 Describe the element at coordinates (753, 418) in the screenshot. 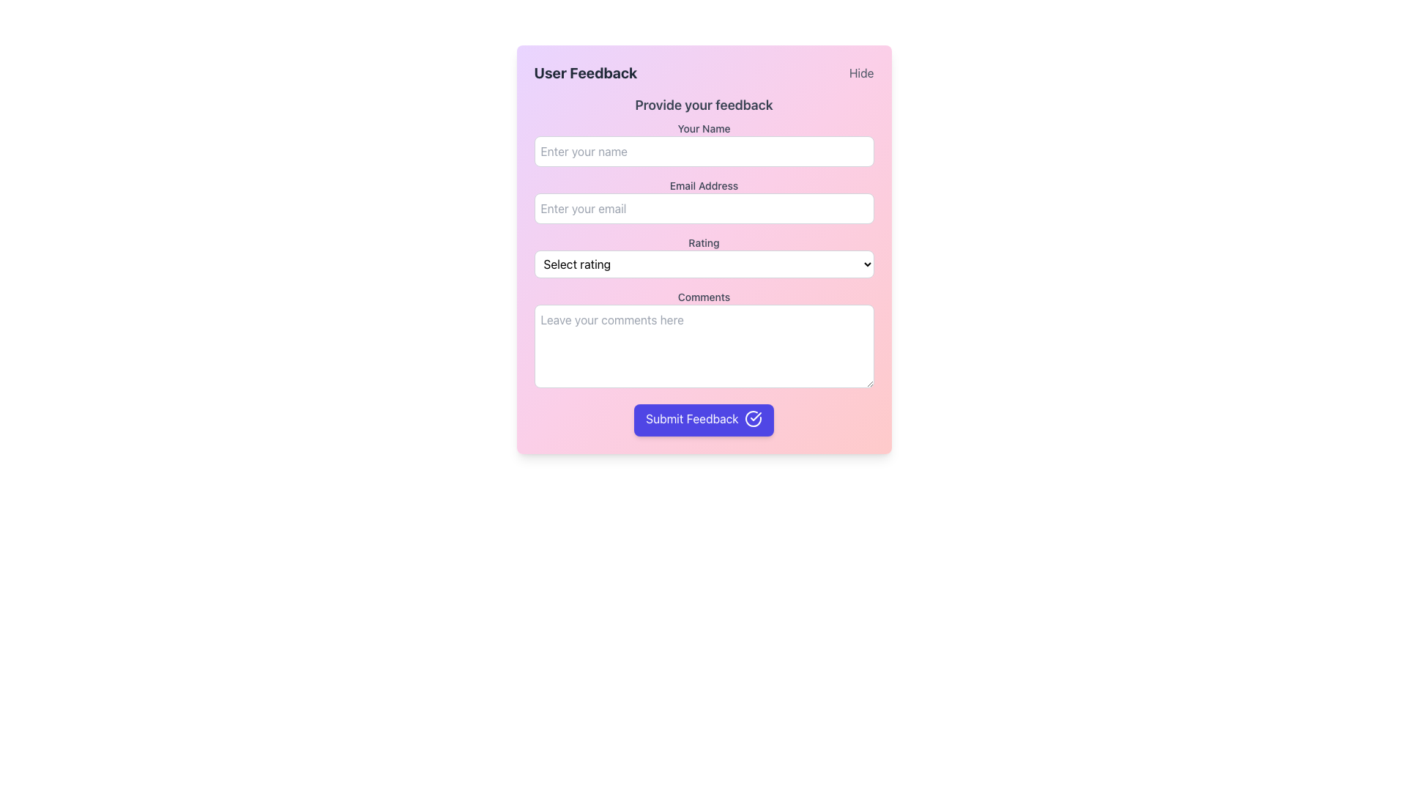

I see `the success icon located at the center-right edge of the 'Submit Feedback' button to confirm the action` at that location.